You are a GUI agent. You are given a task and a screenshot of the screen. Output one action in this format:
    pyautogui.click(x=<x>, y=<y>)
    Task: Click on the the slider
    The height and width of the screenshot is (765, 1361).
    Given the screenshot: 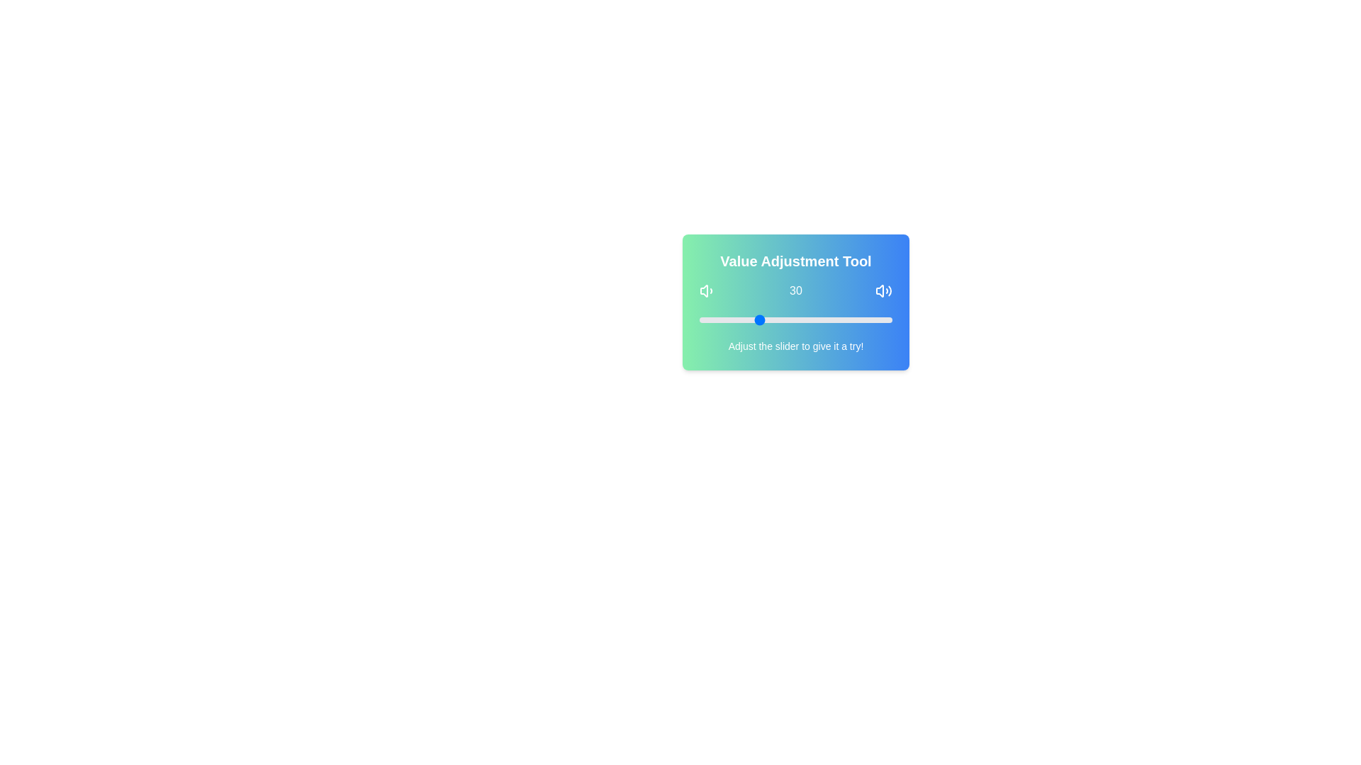 What is the action you would take?
    pyautogui.click(x=762, y=319)
    